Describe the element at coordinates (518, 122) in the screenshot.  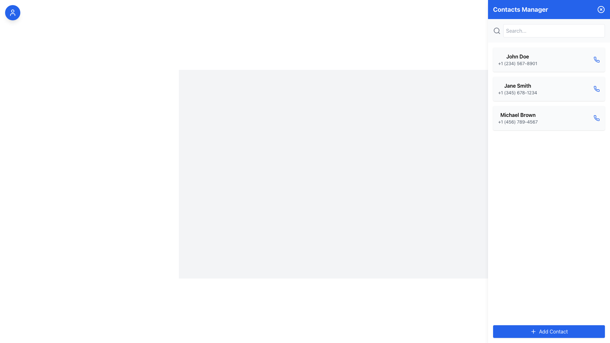
I see `the phone number text for the contact 'Michael Brown' in the right-side panel, which is the second line below the name` at that location.